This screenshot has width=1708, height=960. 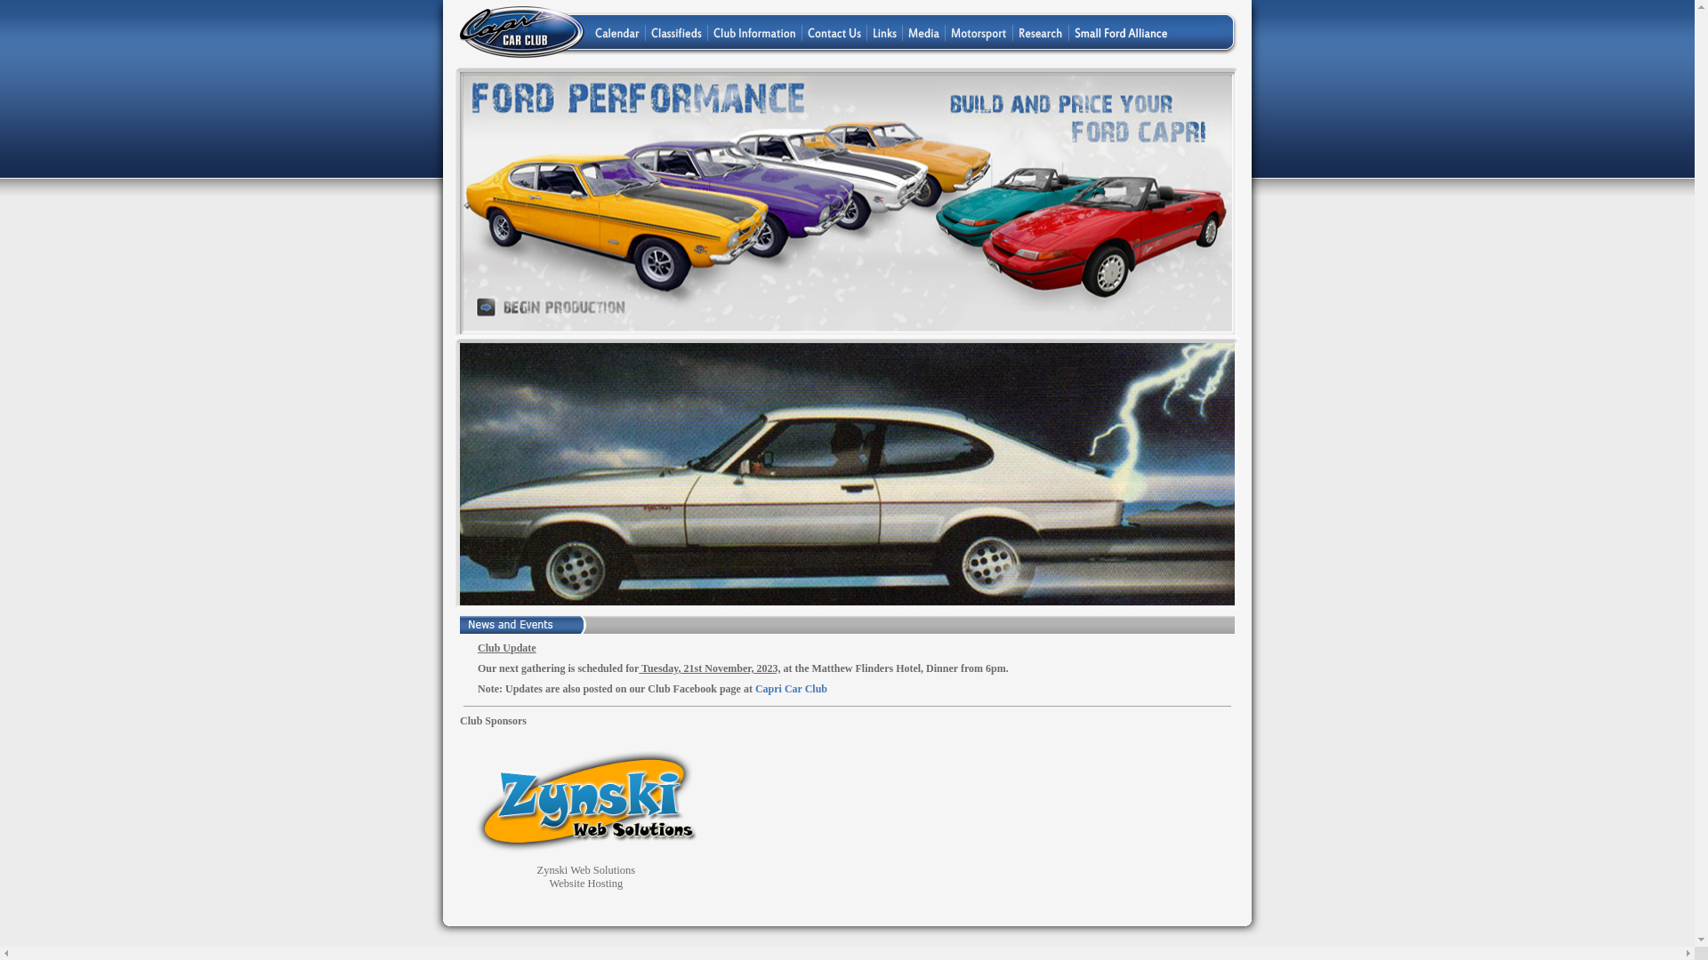 I want to click on 'Capri Car Club', so click(x=790, y=688).